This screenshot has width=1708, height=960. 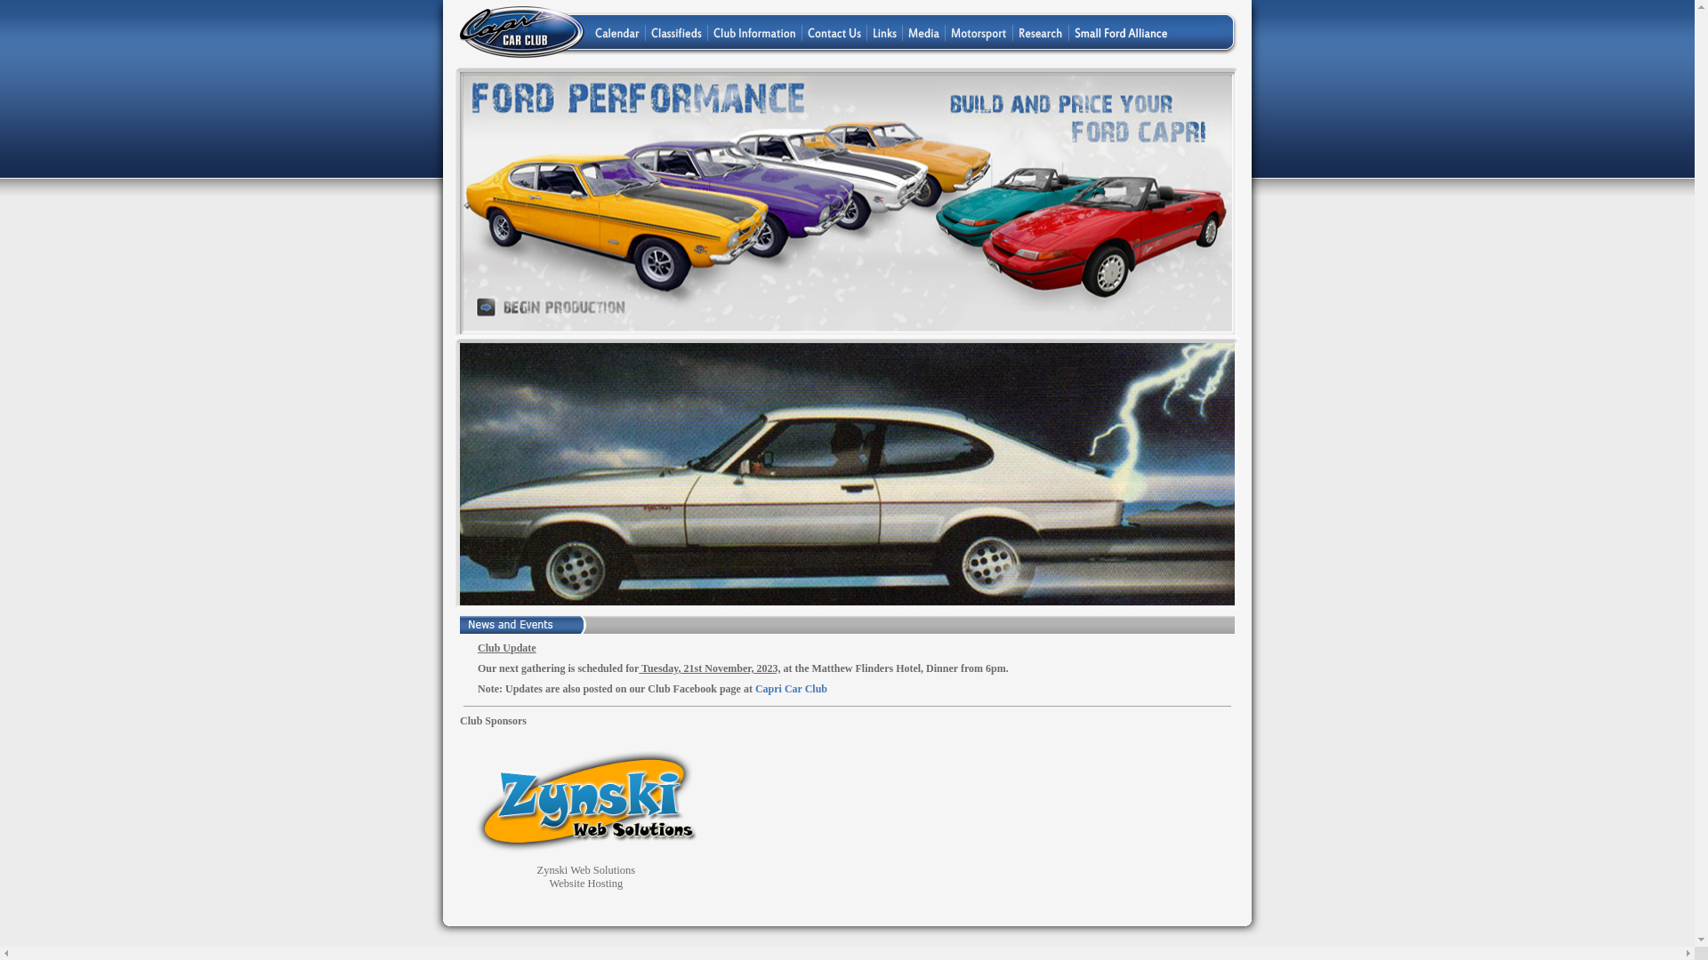 I want to click on 'Capri Car Club', so click(x=790, y=688).